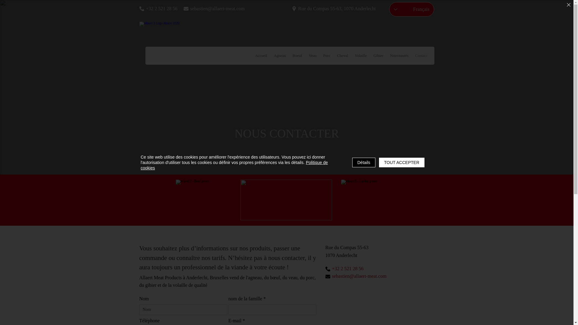 The width and height of the screenshot is (578, 325). What do you see at coordinates (352, 268) in the screenshot?
I see `'+32 2 521 28 56'` at bounding box center [352, 268].